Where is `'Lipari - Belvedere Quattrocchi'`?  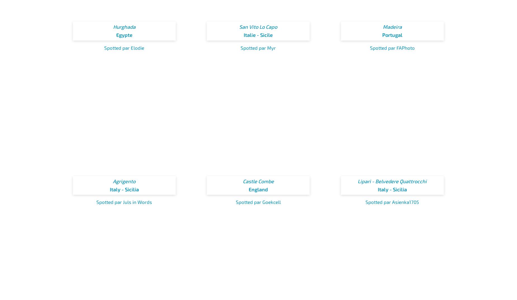
'Lipari - Belvedere Quattrocchi' is located at coordinates (392, 181).